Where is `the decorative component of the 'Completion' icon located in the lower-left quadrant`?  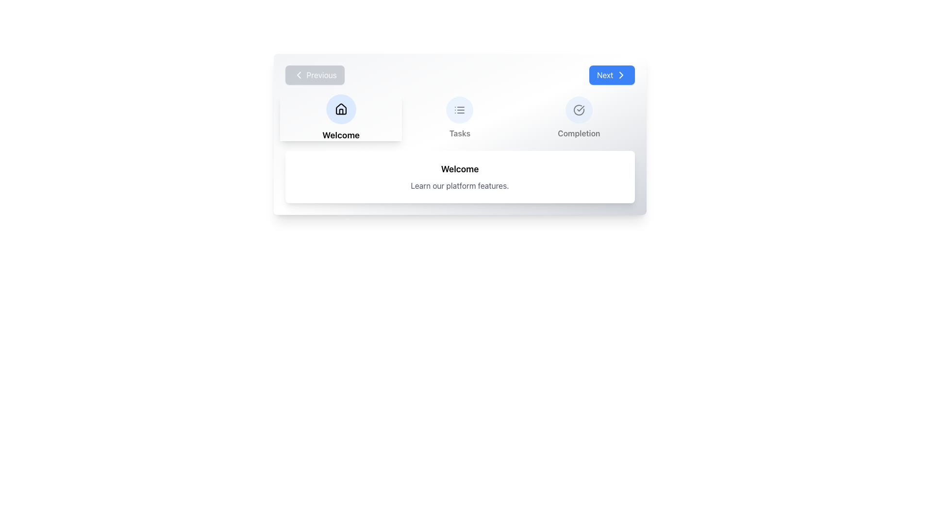
the decorative component of the 'Completion' icon located in the lower-left quadrant is located at coordinates (579, 110).